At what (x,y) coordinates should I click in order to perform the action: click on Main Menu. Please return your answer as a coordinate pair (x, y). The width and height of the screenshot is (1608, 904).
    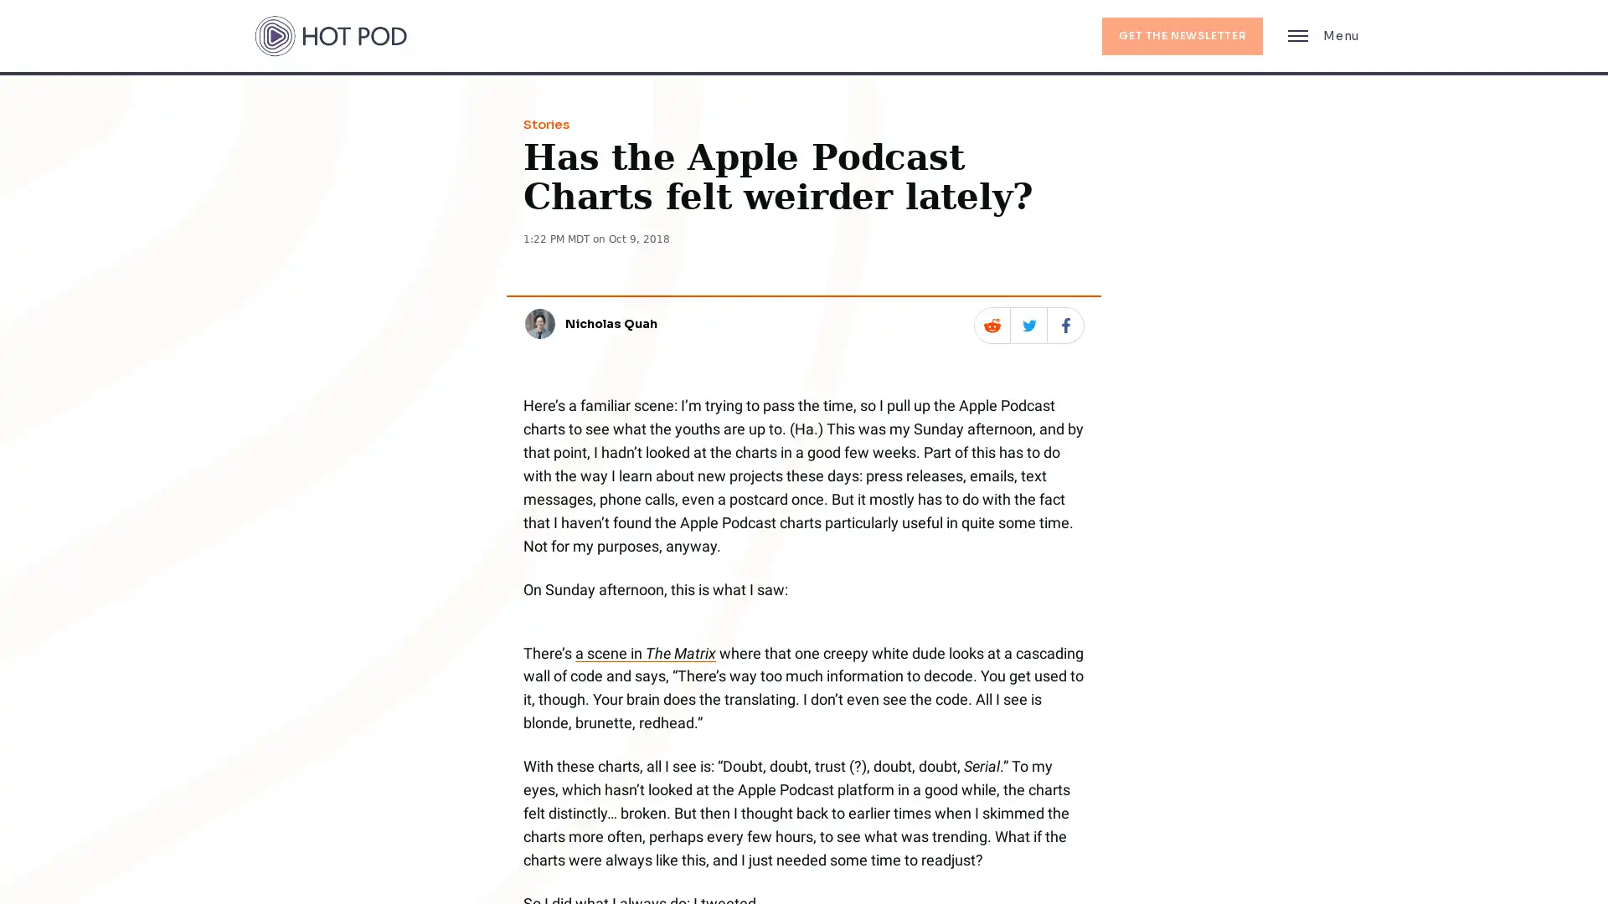
    Looking at the image, I should click on (1322, 35).